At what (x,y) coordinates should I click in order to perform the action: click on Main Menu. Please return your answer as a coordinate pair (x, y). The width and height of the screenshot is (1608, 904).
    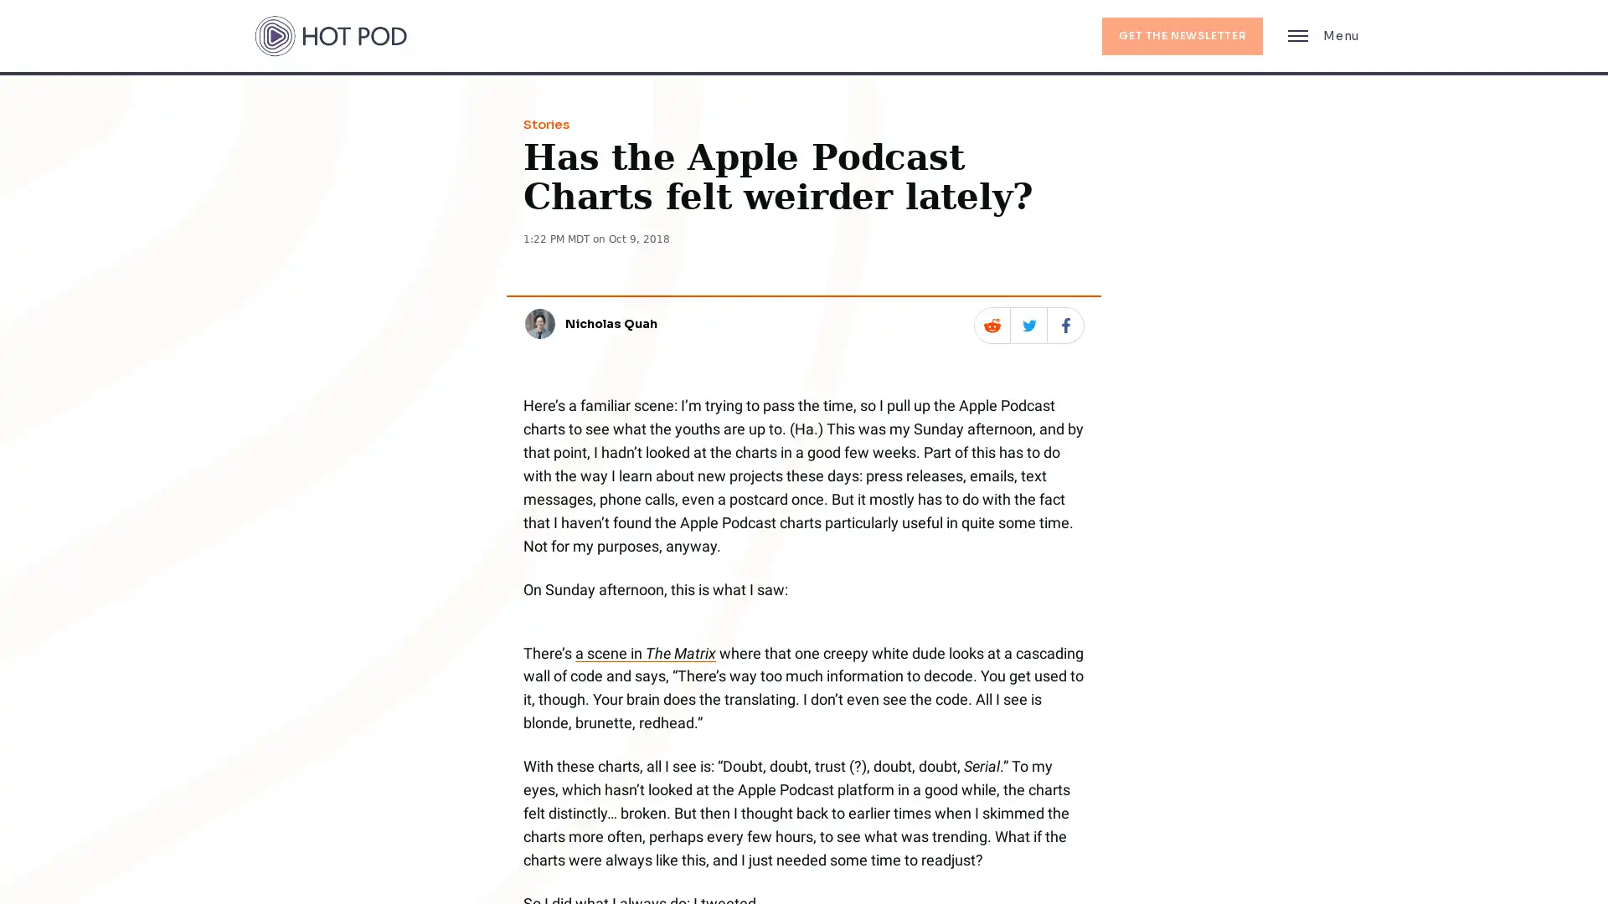
    Looking at the image, I should click on (1322, 35).